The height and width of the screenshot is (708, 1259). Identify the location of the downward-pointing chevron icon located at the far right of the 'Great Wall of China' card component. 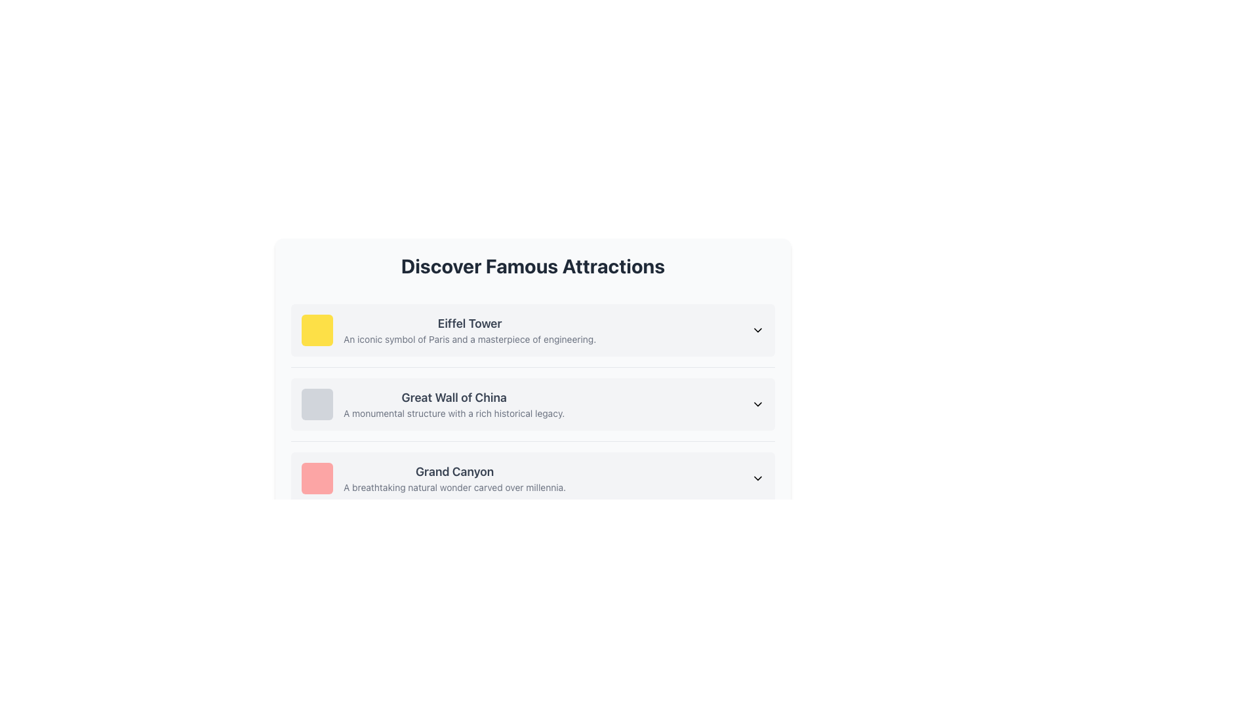
(758, 404).